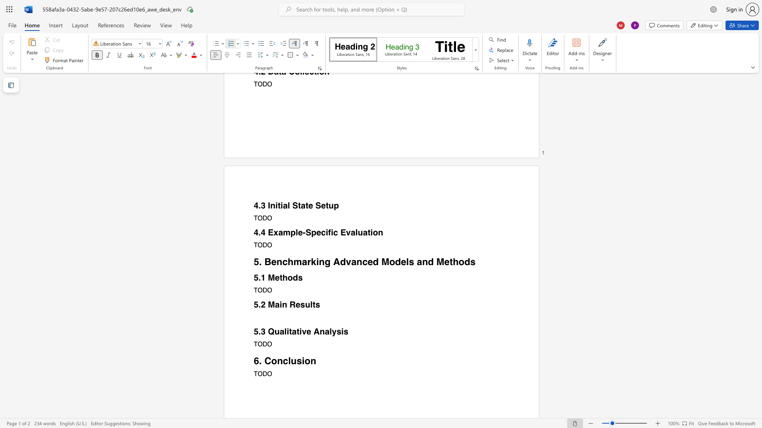 The image size is (762, 428). I want to click on the space between the continuous character "6" and "." in the text, so click(258, 361).